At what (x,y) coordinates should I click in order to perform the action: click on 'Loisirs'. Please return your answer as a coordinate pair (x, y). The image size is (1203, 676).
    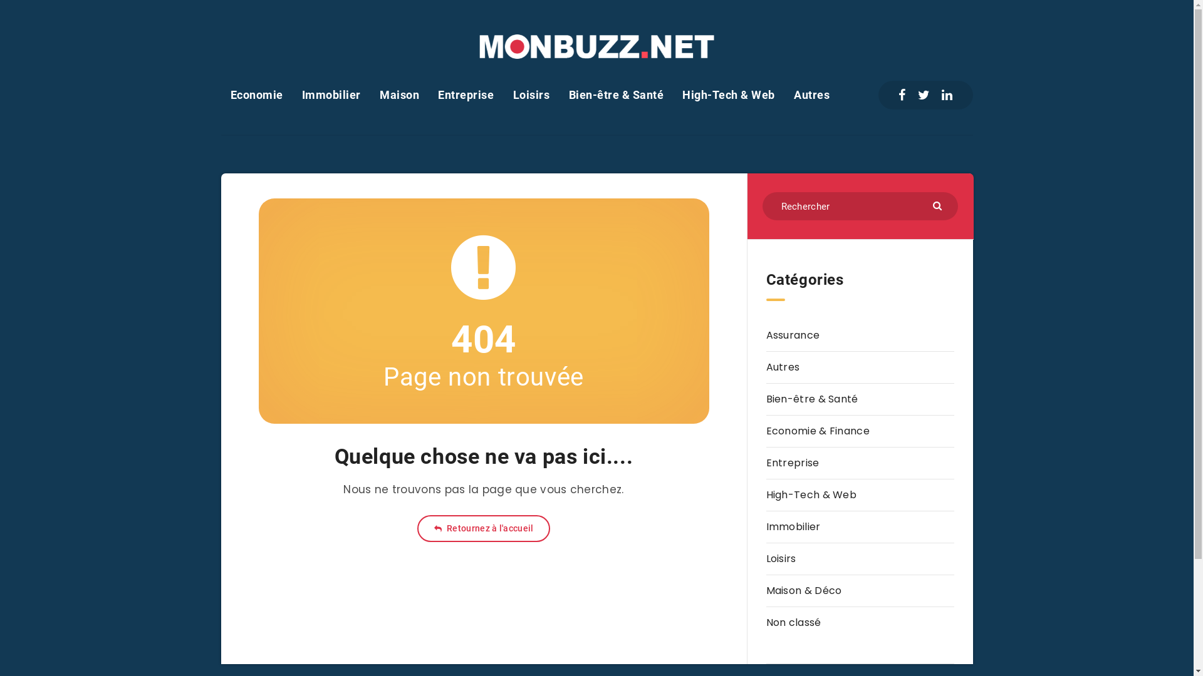
    Looking at the image, I should click on (780, 558).